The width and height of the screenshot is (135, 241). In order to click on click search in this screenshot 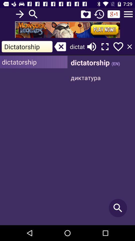, I will do `click(101, 140)`.